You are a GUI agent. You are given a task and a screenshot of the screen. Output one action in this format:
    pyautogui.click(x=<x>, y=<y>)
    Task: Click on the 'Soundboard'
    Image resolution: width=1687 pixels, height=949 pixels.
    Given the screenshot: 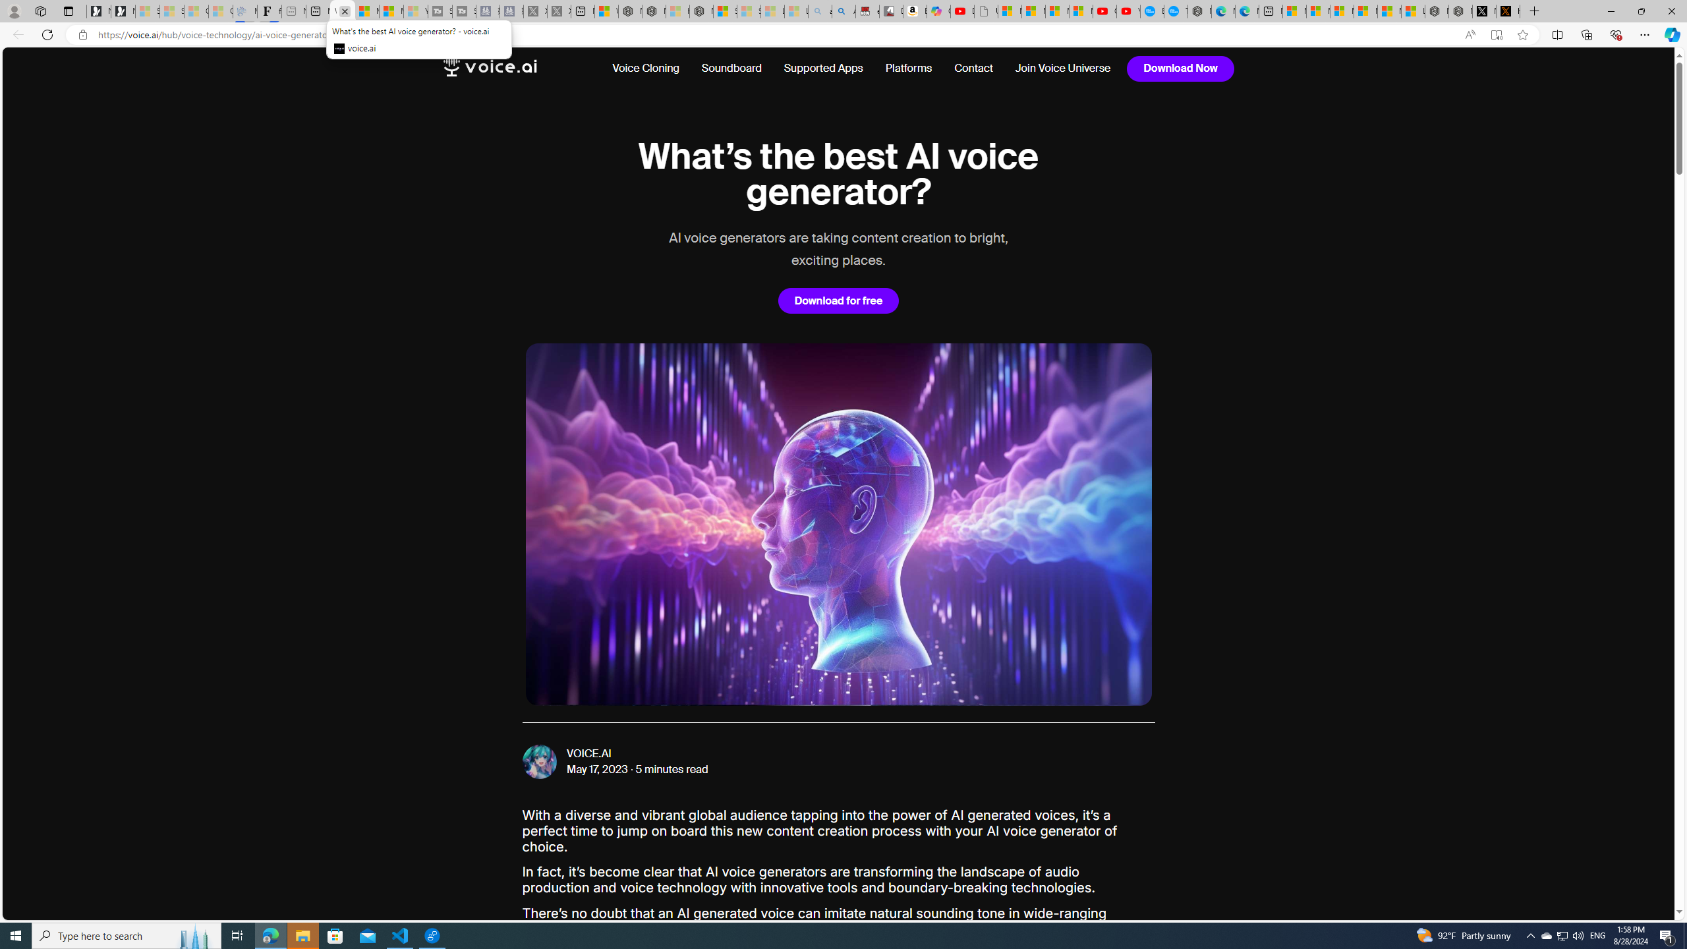 What is the action you would take?
    pyautogui.click(x=731, y=68)
    